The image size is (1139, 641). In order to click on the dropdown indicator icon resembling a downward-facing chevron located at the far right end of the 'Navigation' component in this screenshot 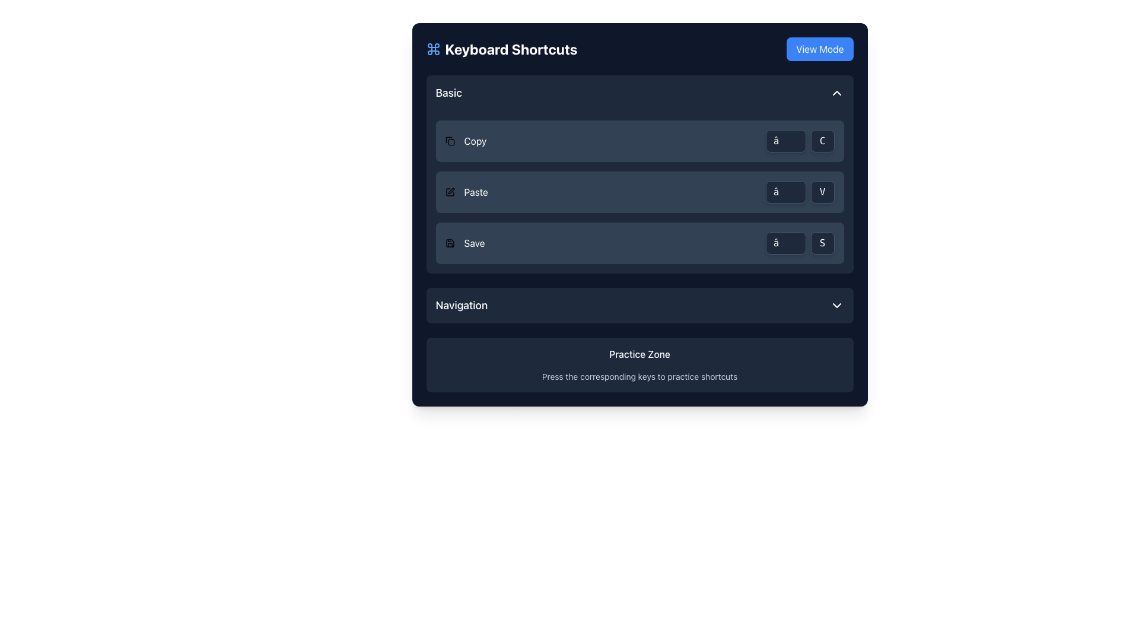, I will do `click(836, 305)`.